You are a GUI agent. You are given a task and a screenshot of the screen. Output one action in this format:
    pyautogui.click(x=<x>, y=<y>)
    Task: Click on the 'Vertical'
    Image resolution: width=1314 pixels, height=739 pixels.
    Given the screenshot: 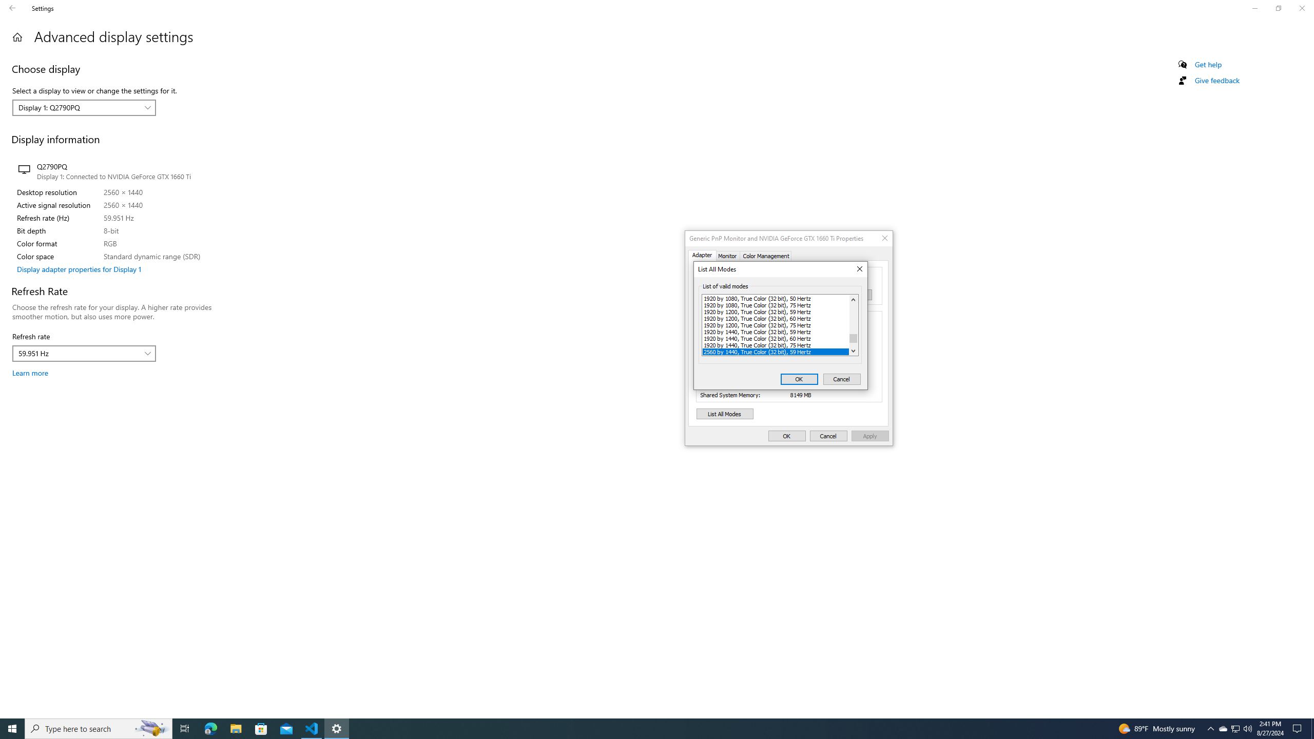 What is the action you would take?
    pyautogui.click(x=853, y=324)
    